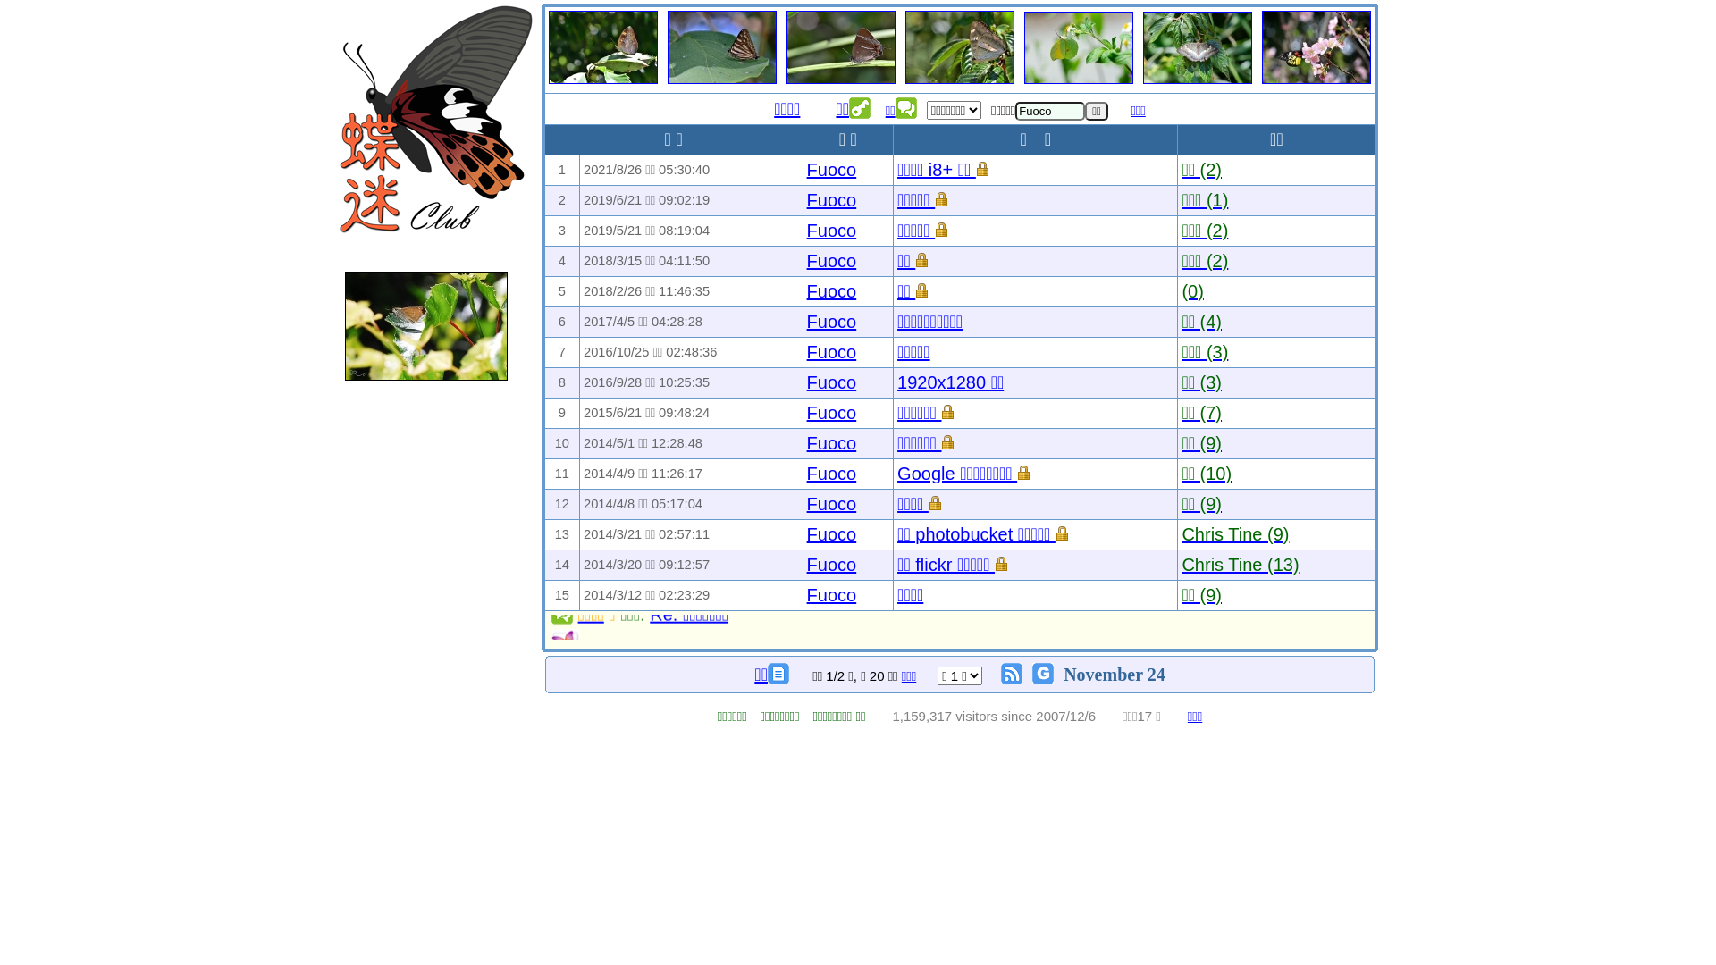 This screenshot has width=1716, height=965. Describe the element at coordinates (805, 169) in the screenshot. I see `'Fuoco'` at that location.